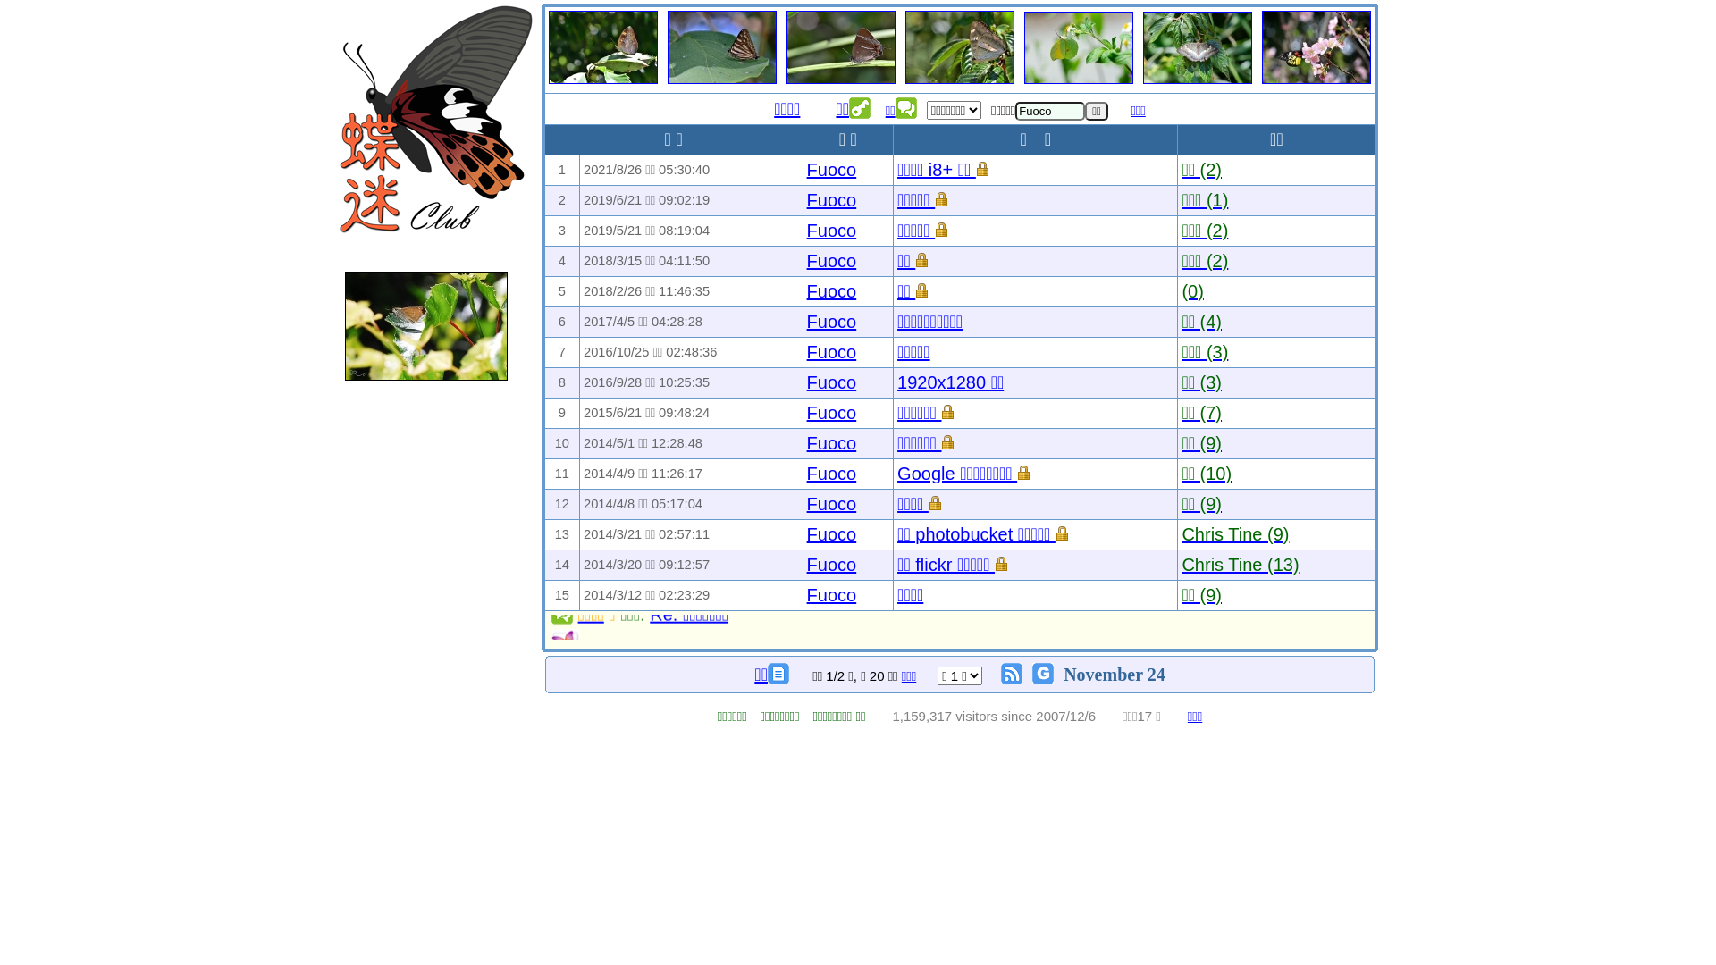 This screenshot has width=1716, height=965. Describe the element at coordinates (805, 169) in the screenshot. I see `'Fuoco'` at that location.